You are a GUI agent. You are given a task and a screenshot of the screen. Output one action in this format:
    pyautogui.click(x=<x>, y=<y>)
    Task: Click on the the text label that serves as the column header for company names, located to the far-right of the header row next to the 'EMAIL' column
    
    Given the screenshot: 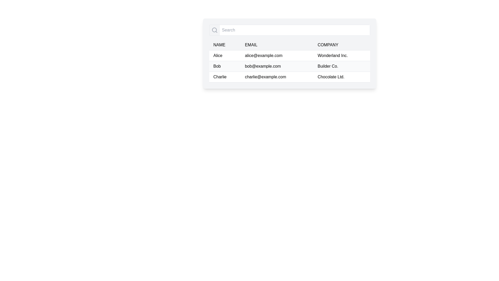 What is the action you would take?
    pyautogui.click(x=328, y=45)
    